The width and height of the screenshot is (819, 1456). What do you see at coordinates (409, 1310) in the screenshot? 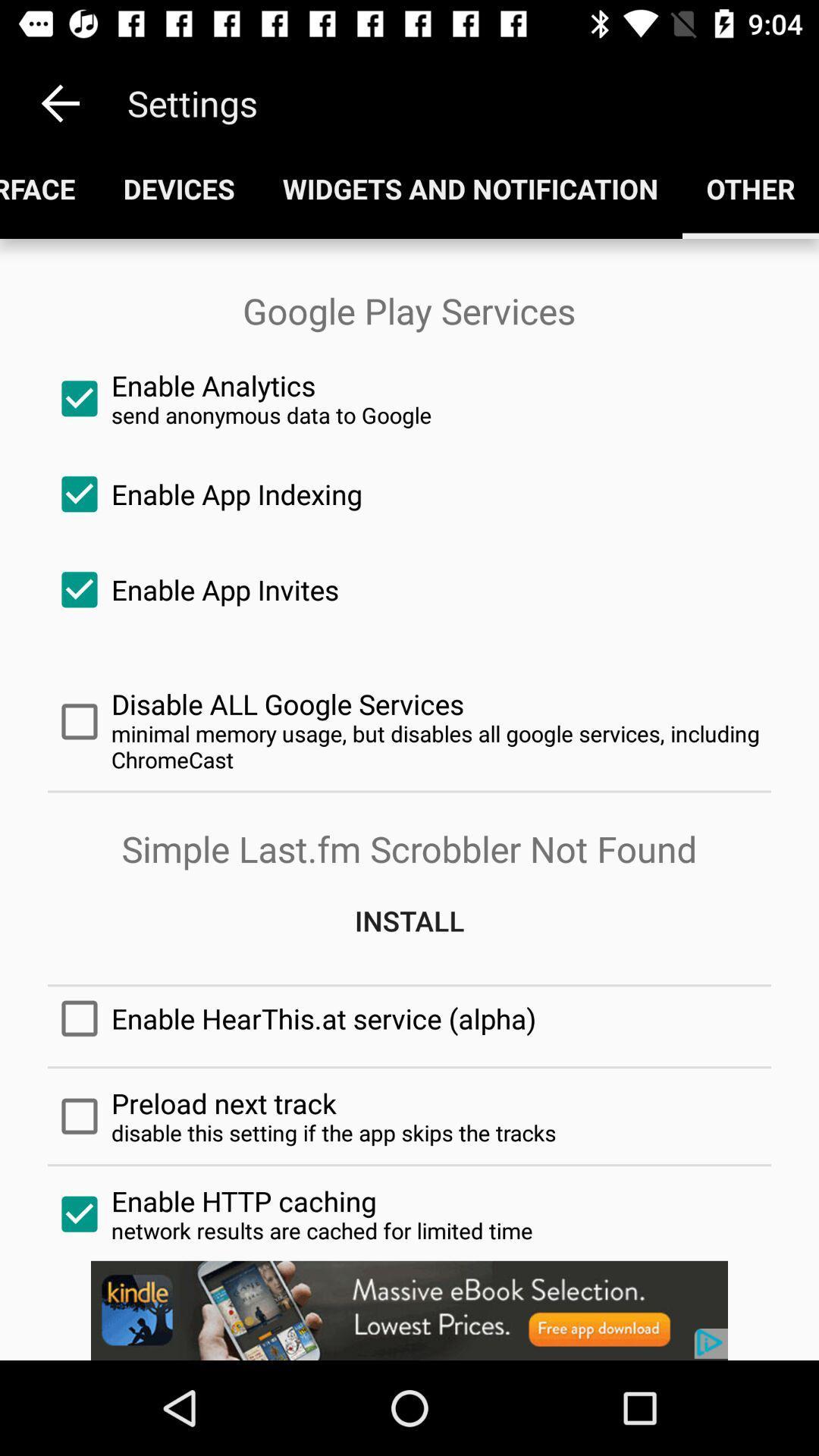
I see `banner advertisement` at bounding box center [409, 1310].